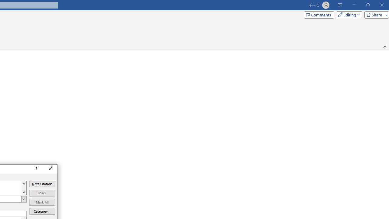 This screenshot has height=219, width=389. What do you see at coordinates (42, 193) in the screenshot?
I see `'Mark'` at bounding box center [42, 193].